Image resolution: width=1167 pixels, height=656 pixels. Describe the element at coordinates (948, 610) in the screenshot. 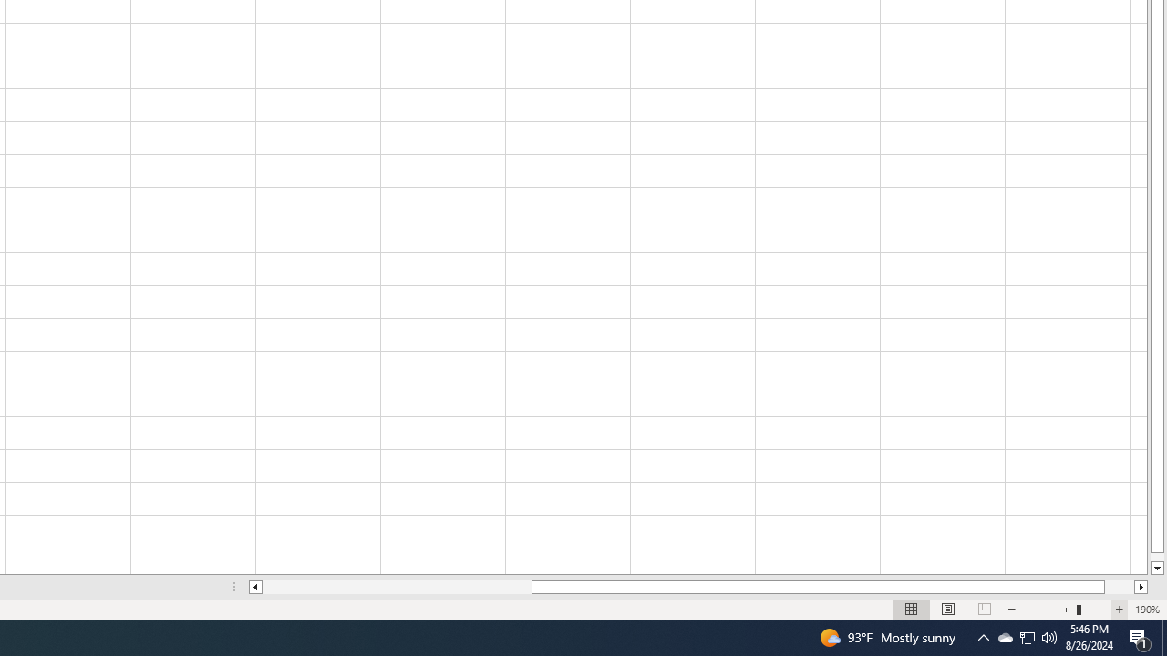

I see `'Page Layout'` at that location.